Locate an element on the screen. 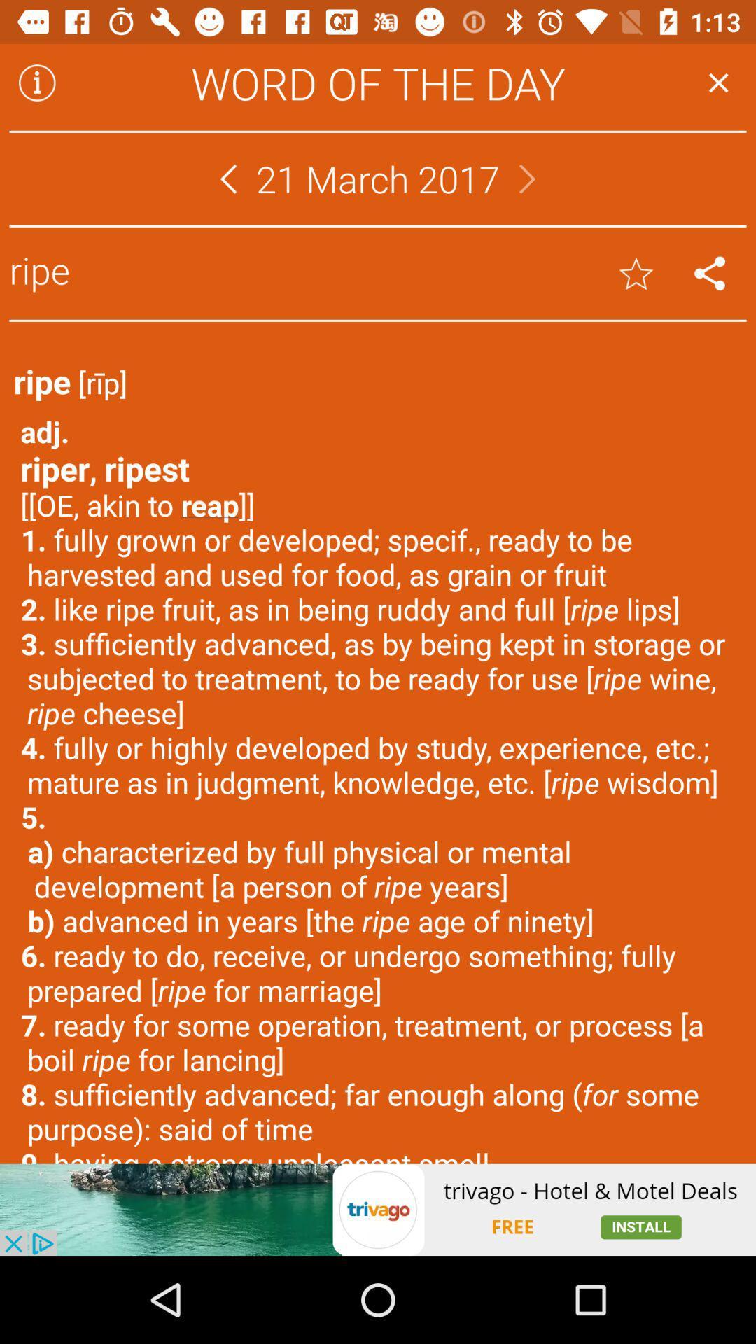  move forward is located at coordinates (527, 178).